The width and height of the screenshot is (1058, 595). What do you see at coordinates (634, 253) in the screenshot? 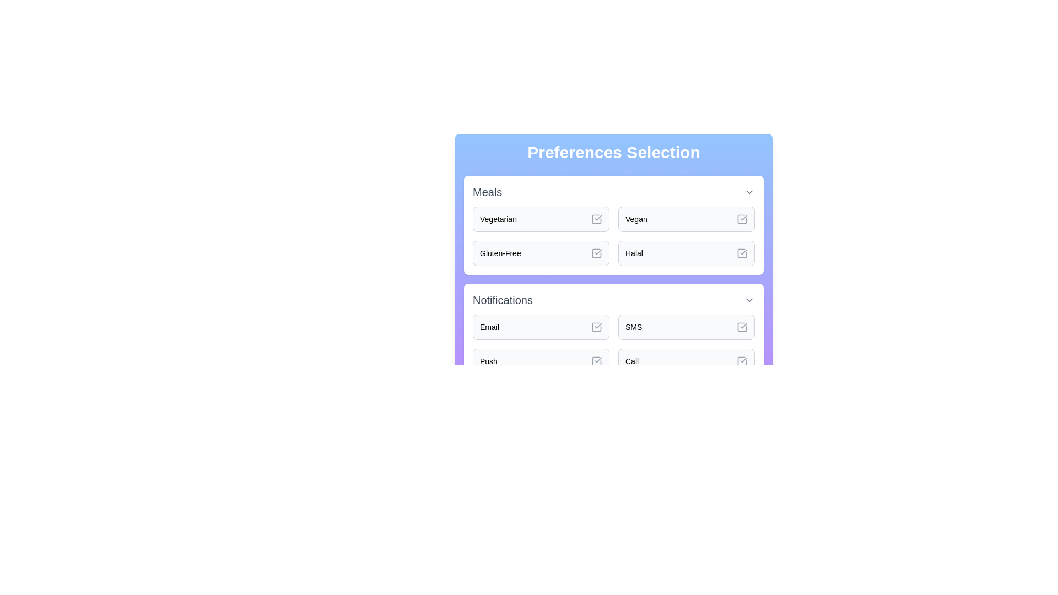
I see `the label displaying 'Halal' located in the bottom-right quadrant of the 'Meals' section within the 'Preferences Selection' interface` at bounding box center [634, 253].